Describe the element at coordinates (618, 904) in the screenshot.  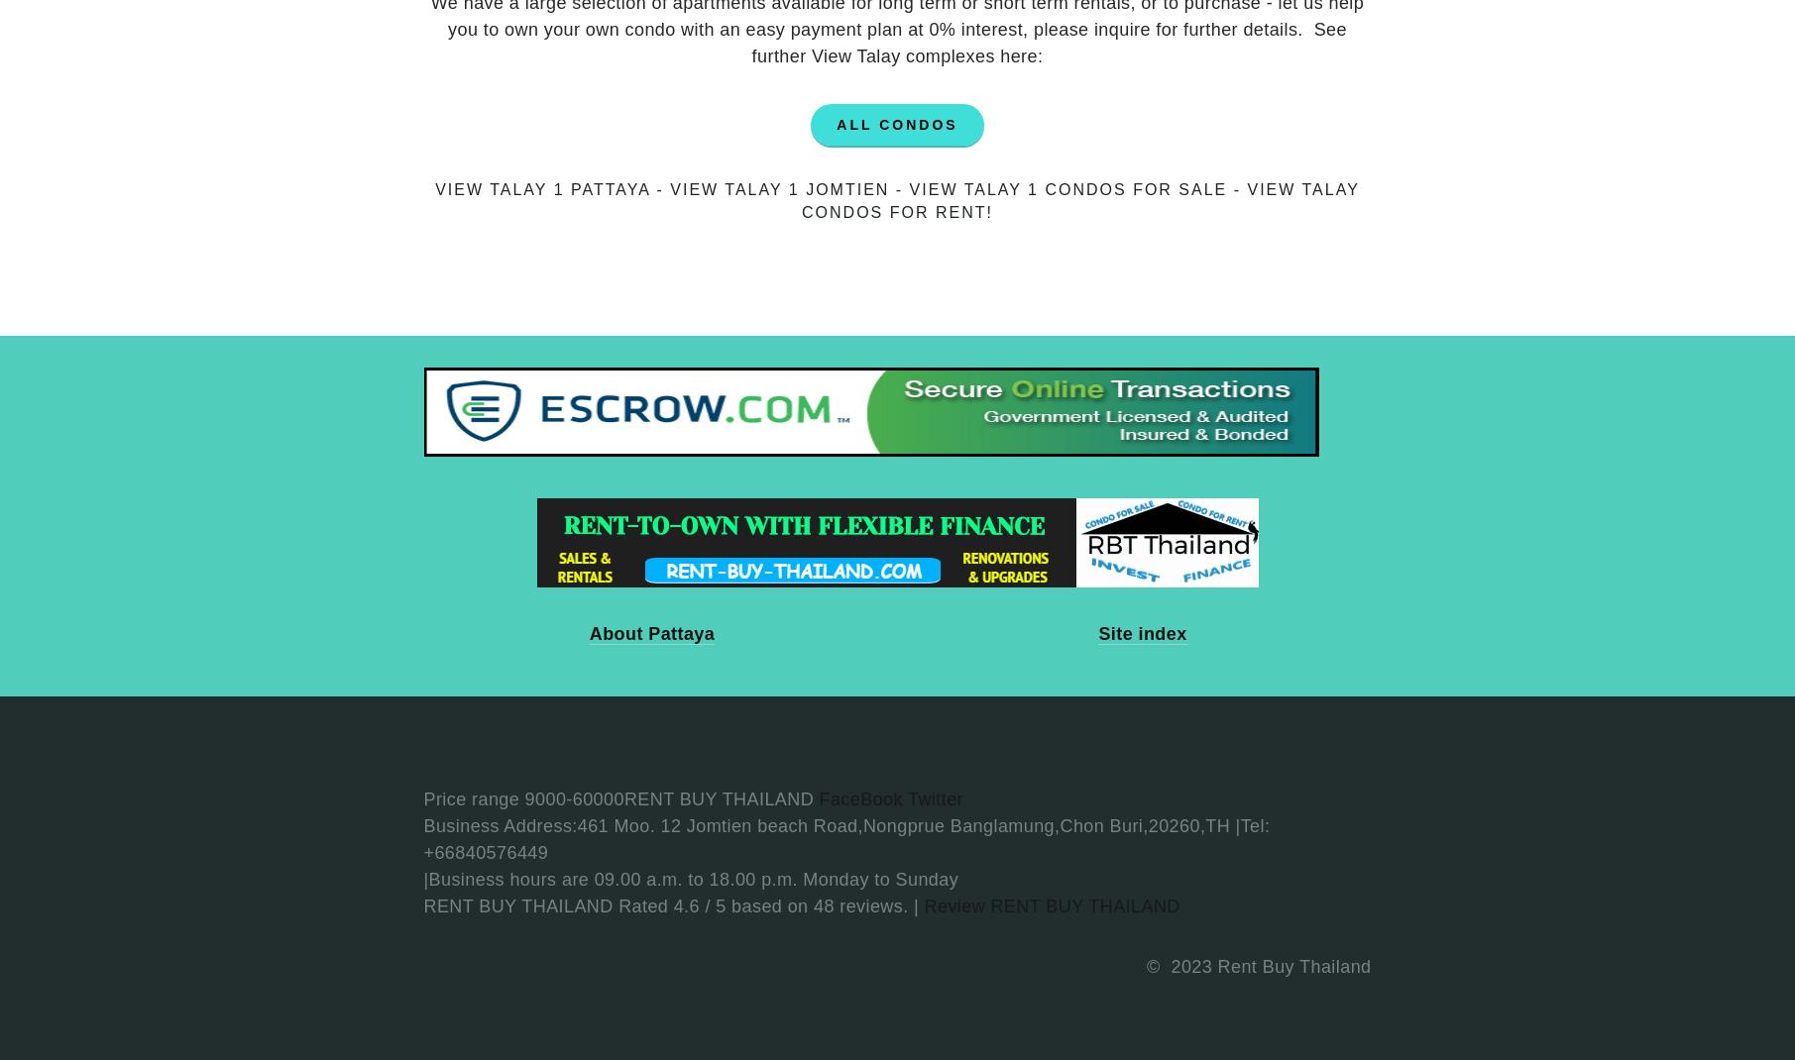
I see `'Rated'` at that location.